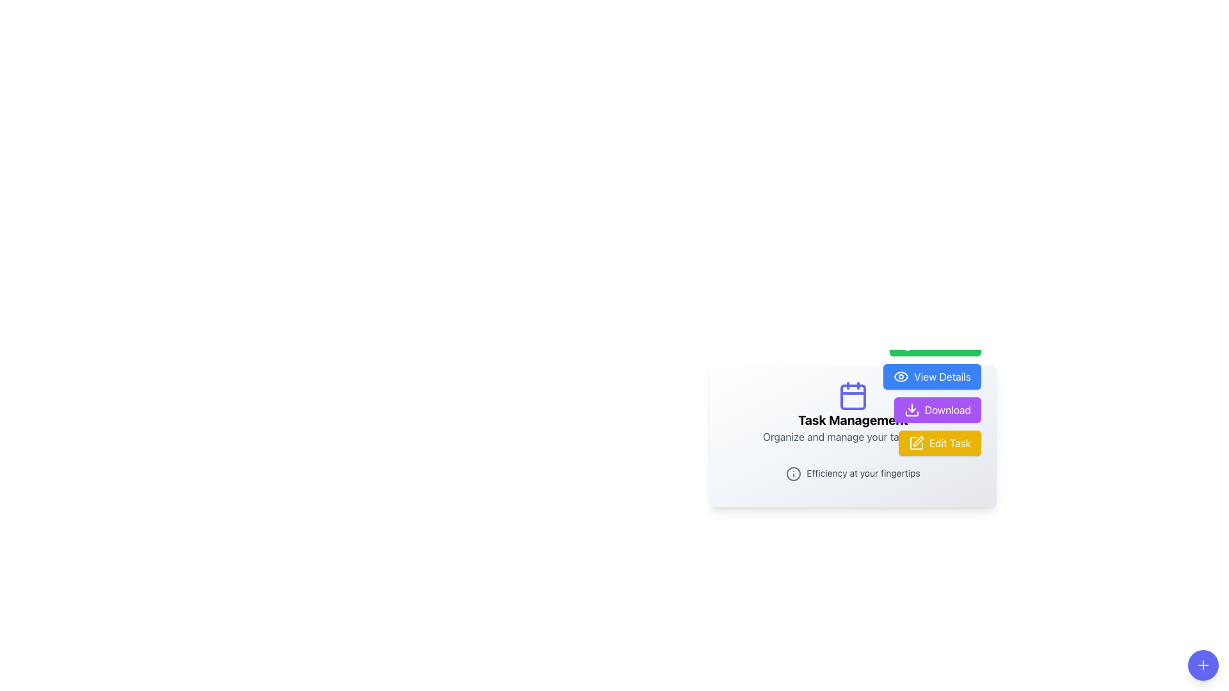  Describe the element at coordinates (940, 442) in the screenshot. I see `the 'Edit Task' button located at the bottom of the action buttons in the floating card on the bottom-right side of the interface` at that location.